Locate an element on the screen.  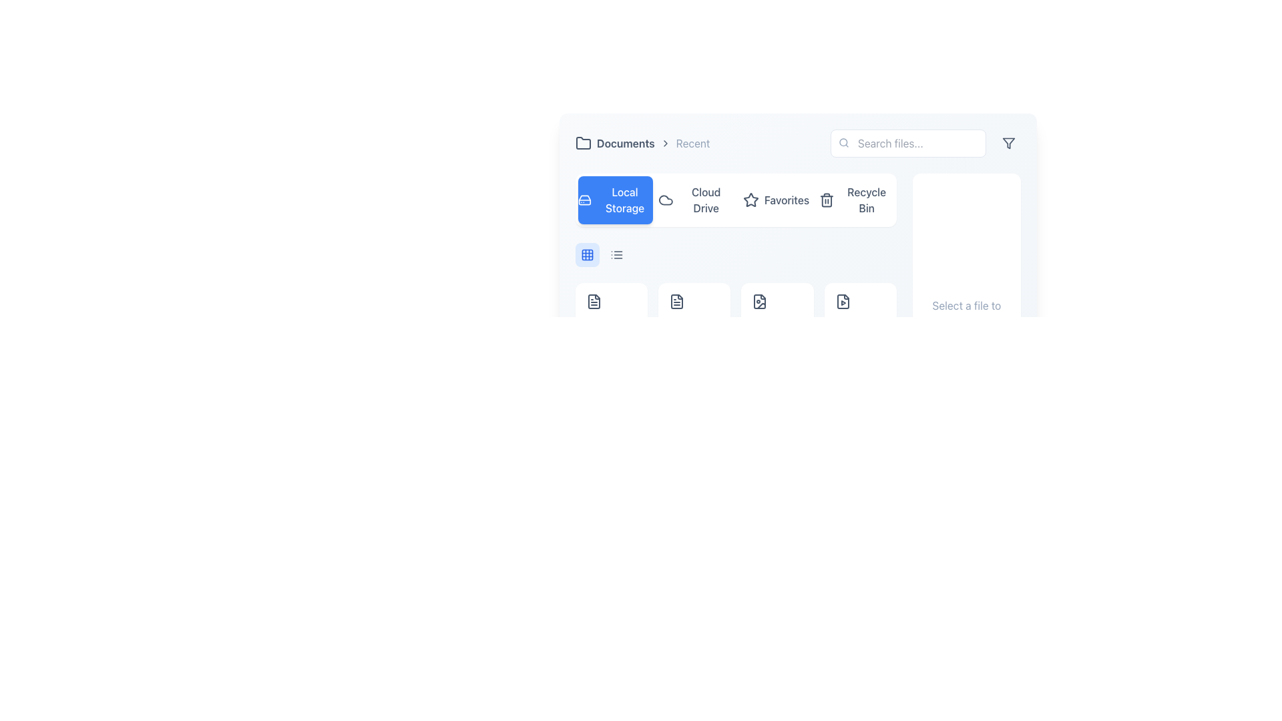
the second icon button in the upper section of the interface is located at coordinates (616, 254).